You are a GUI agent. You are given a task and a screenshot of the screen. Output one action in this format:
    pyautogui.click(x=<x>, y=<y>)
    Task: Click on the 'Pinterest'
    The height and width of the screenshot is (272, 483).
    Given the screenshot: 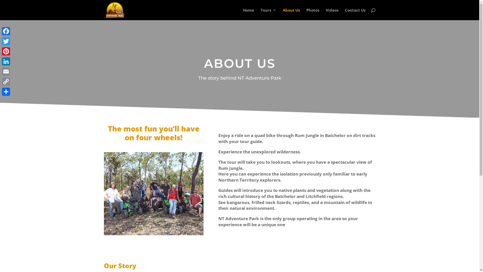 What is the action you would take?
    pyautogui.click(x=6, y=51)
    